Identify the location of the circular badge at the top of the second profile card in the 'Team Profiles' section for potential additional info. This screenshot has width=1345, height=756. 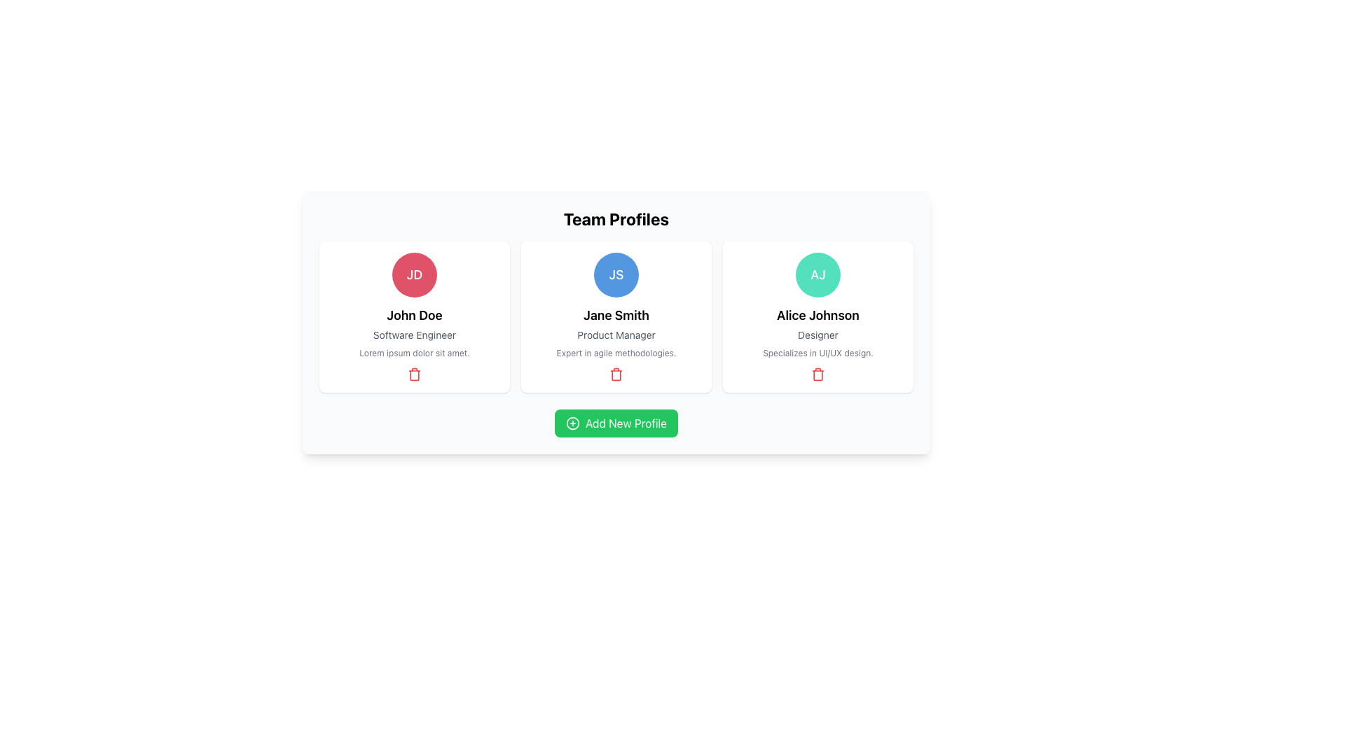
(616, 323).